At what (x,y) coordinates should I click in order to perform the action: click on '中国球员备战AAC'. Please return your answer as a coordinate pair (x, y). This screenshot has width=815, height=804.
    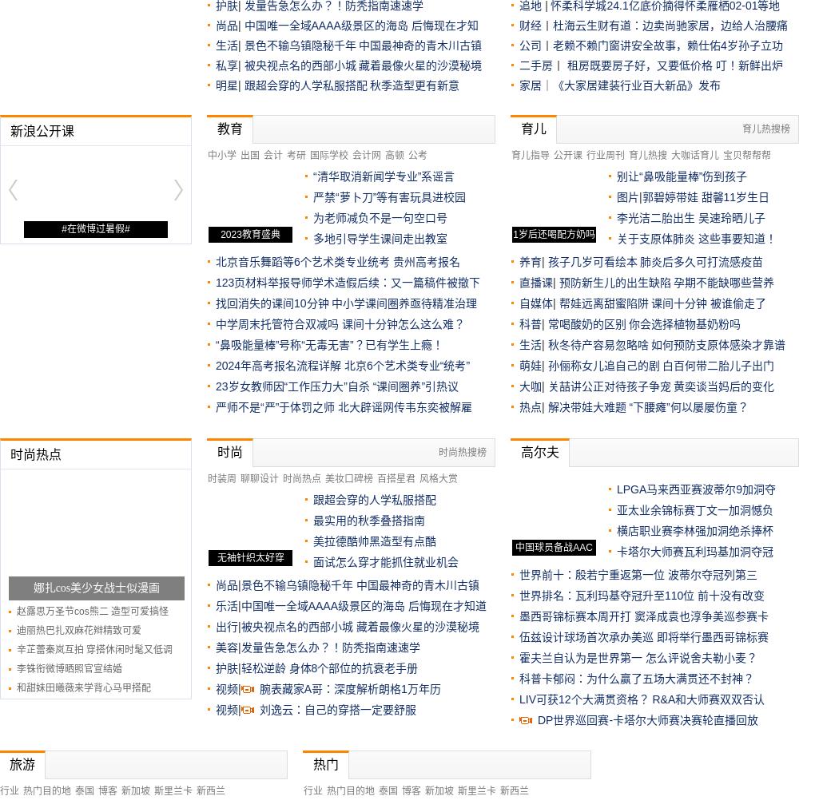
    Looking at the image, I should click on (552, 546).